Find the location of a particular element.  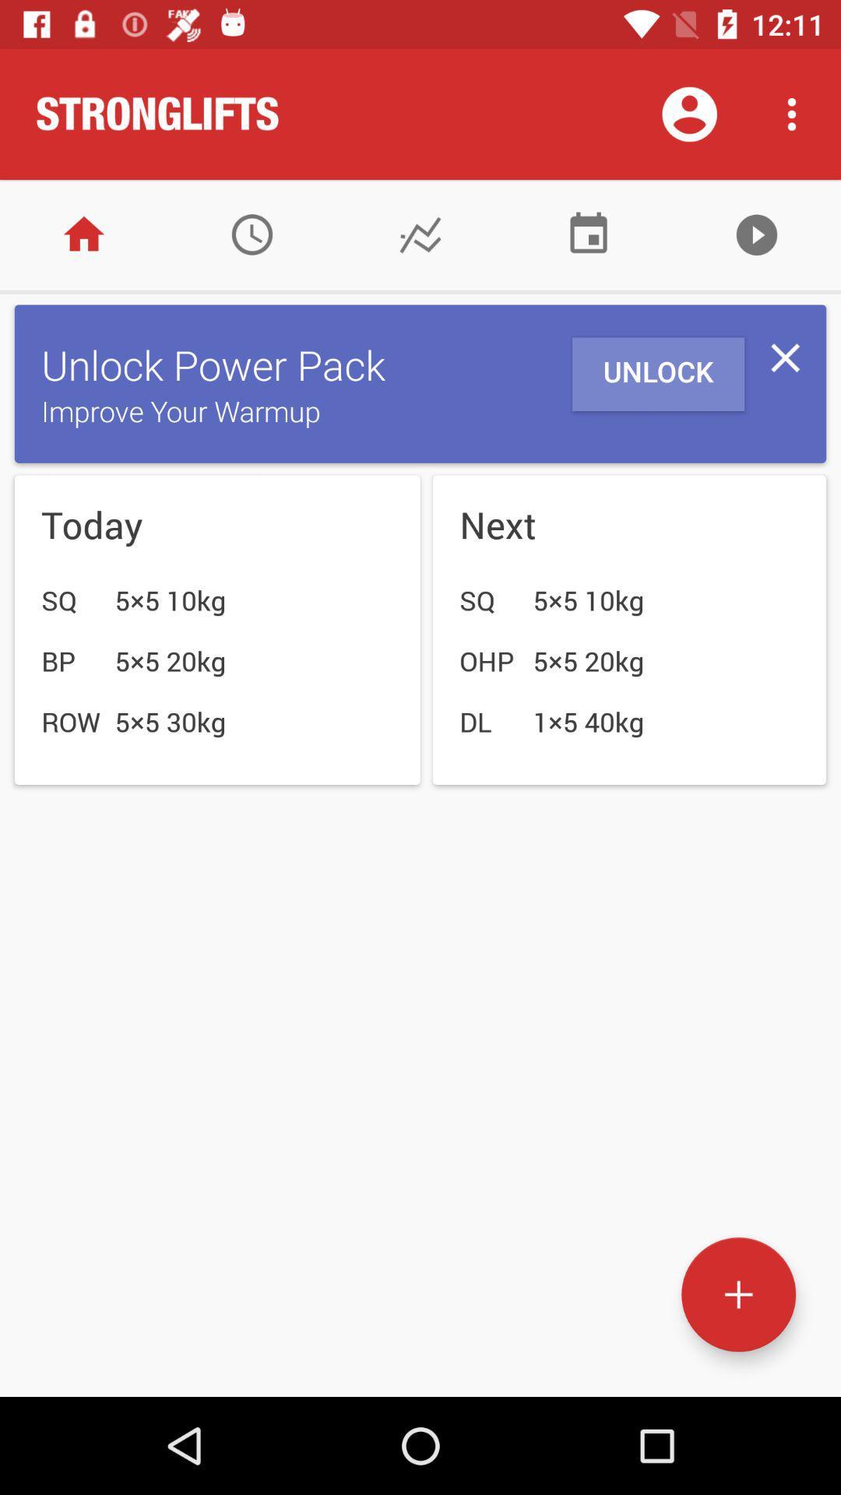

the item next to unlock item is located at coordinates (785, 357).